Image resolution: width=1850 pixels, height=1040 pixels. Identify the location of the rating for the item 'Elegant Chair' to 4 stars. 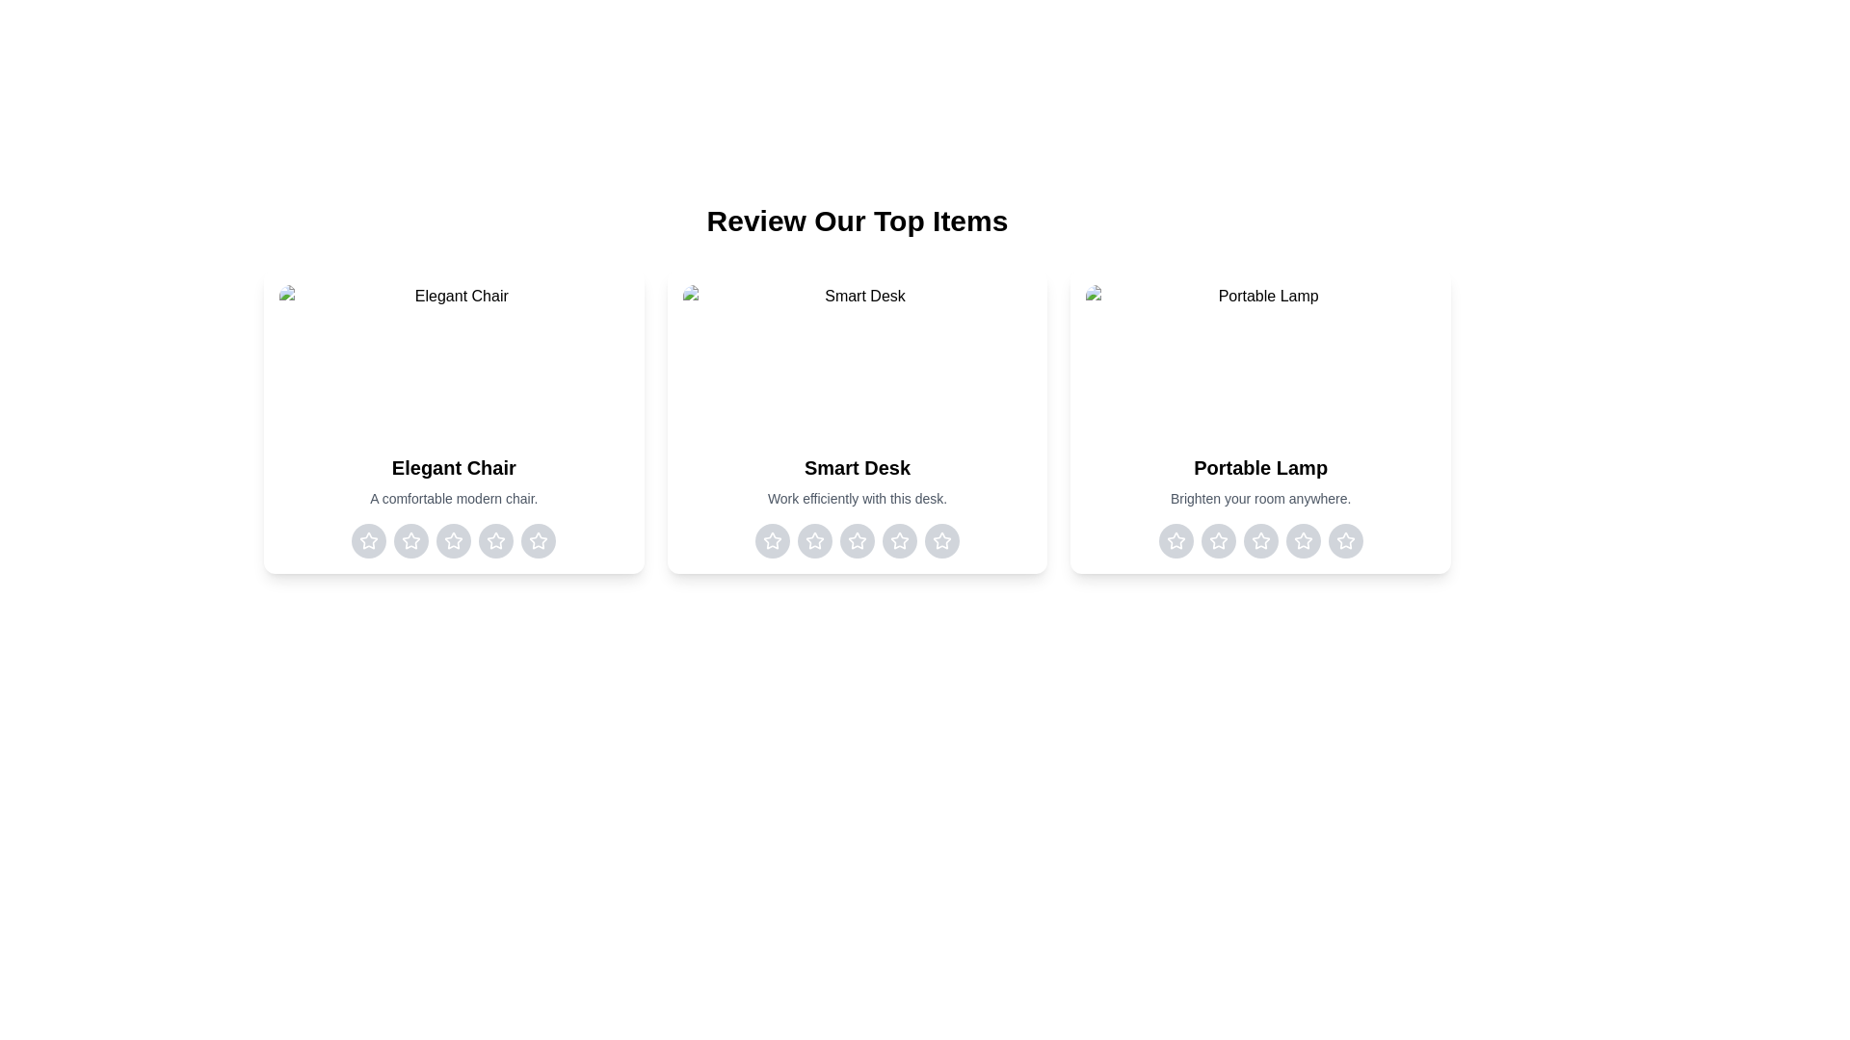
(495, 541).